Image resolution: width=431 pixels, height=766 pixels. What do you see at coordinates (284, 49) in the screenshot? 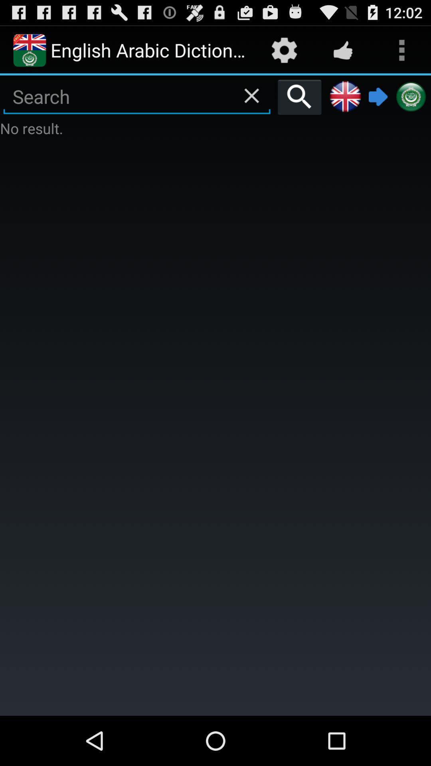
I see `the settings icon` at bounding box center [284, 49].